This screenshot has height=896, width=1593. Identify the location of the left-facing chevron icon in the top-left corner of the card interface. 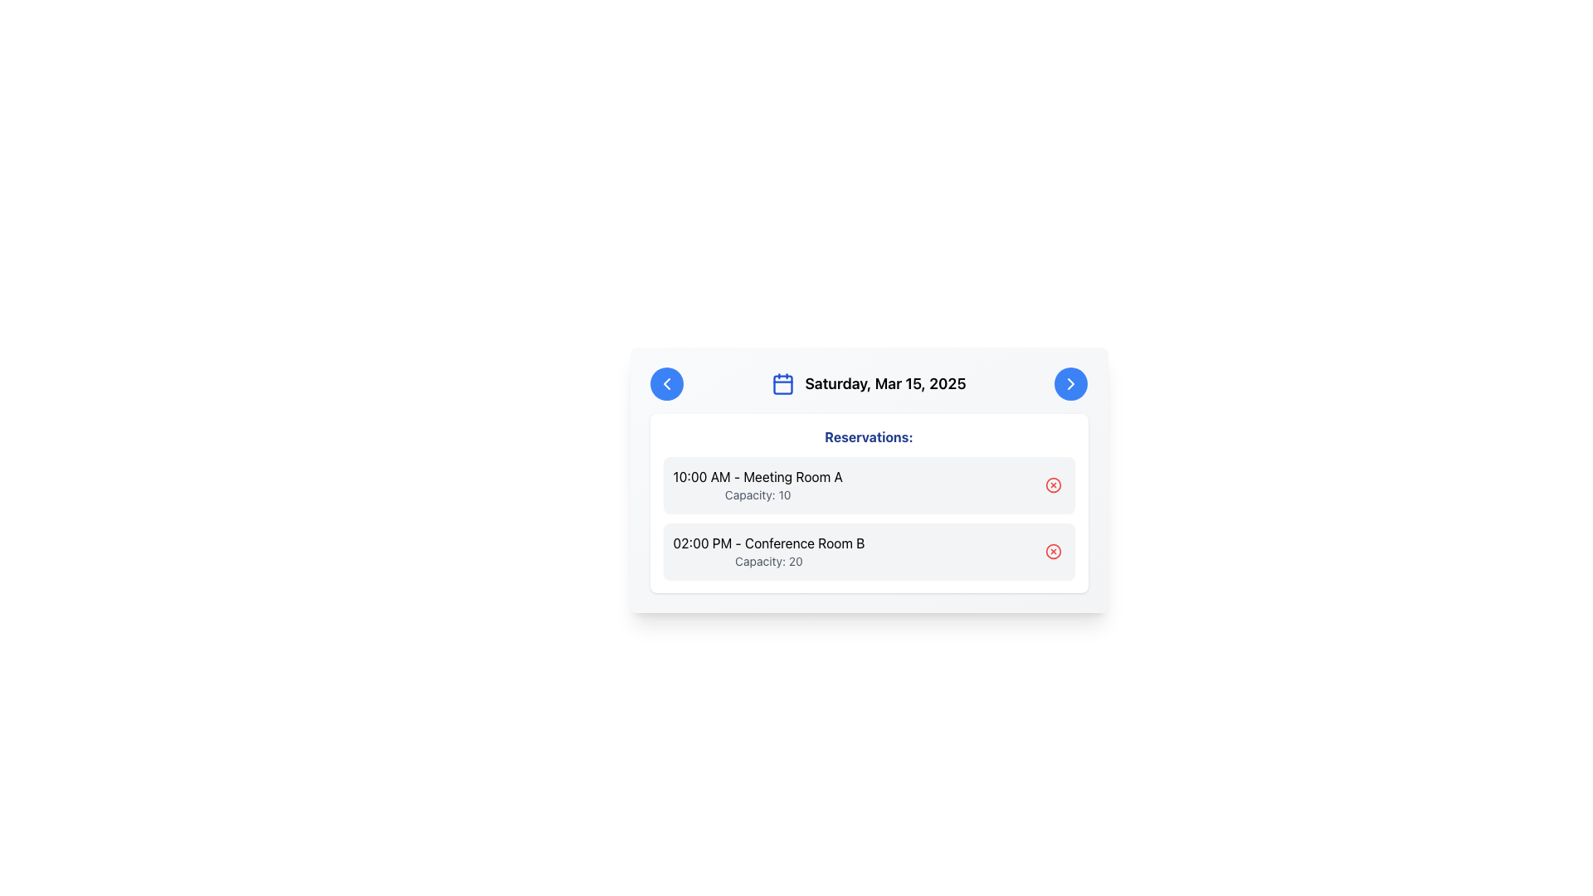
(666, 383).